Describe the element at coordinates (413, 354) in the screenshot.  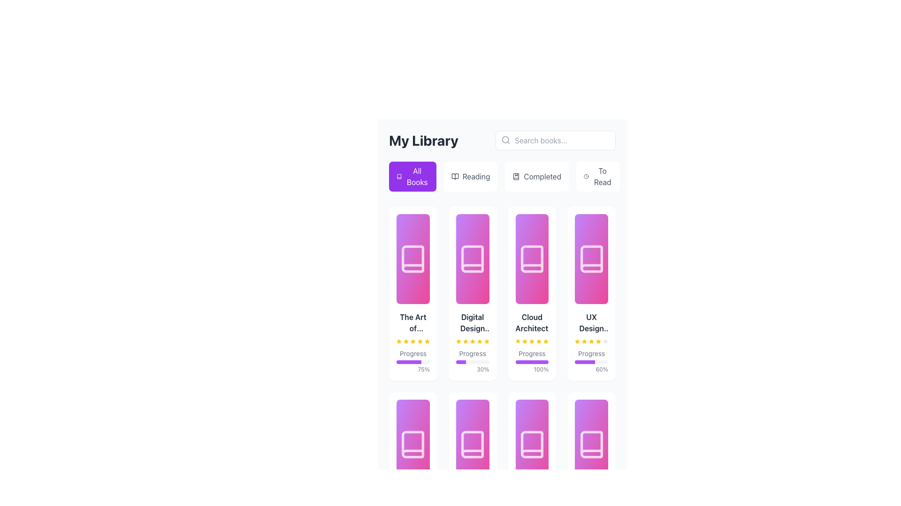
I see `the text label indicating reading progress for the book entry 'The Art of...' which is positioned above the progress bar and aligned with the percentage indicator` at that location.